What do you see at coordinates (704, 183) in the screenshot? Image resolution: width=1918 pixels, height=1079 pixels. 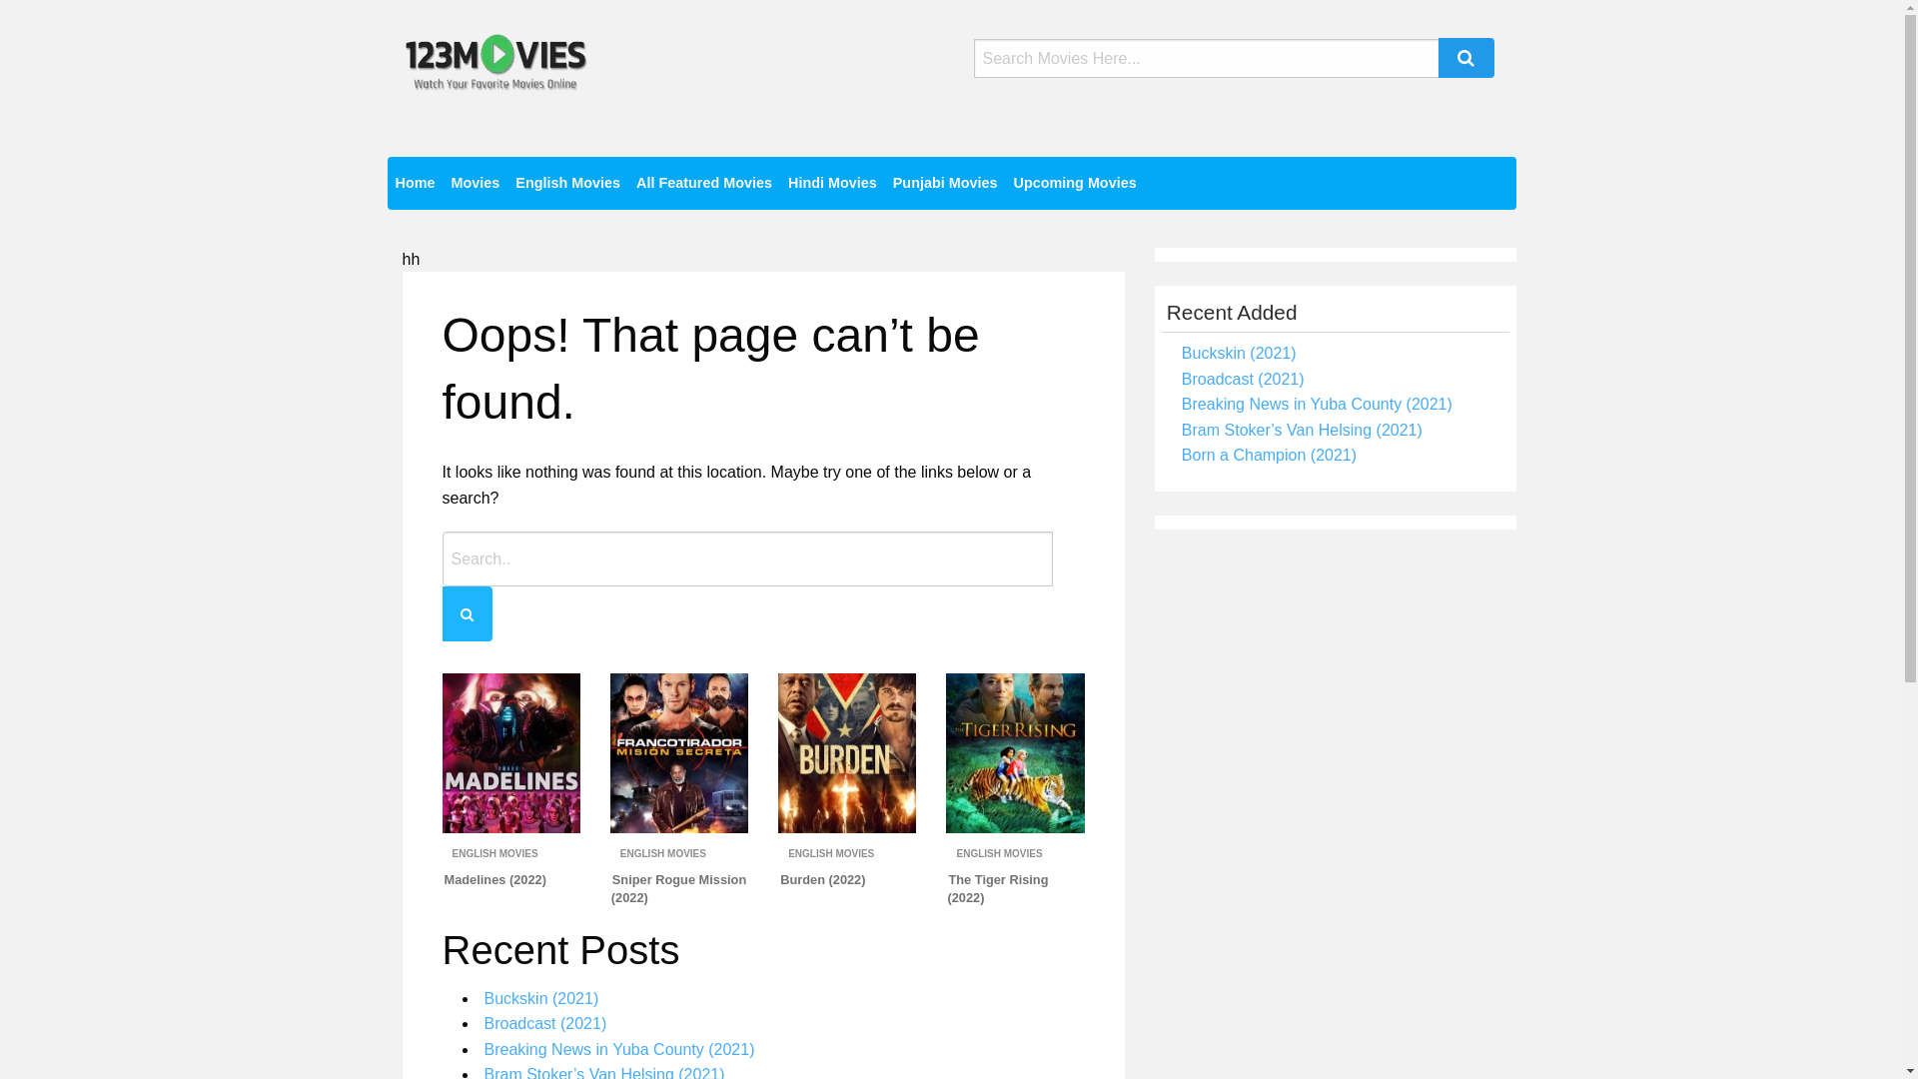 I see `'All Featured Movies'` at bounding box center [704, 183].